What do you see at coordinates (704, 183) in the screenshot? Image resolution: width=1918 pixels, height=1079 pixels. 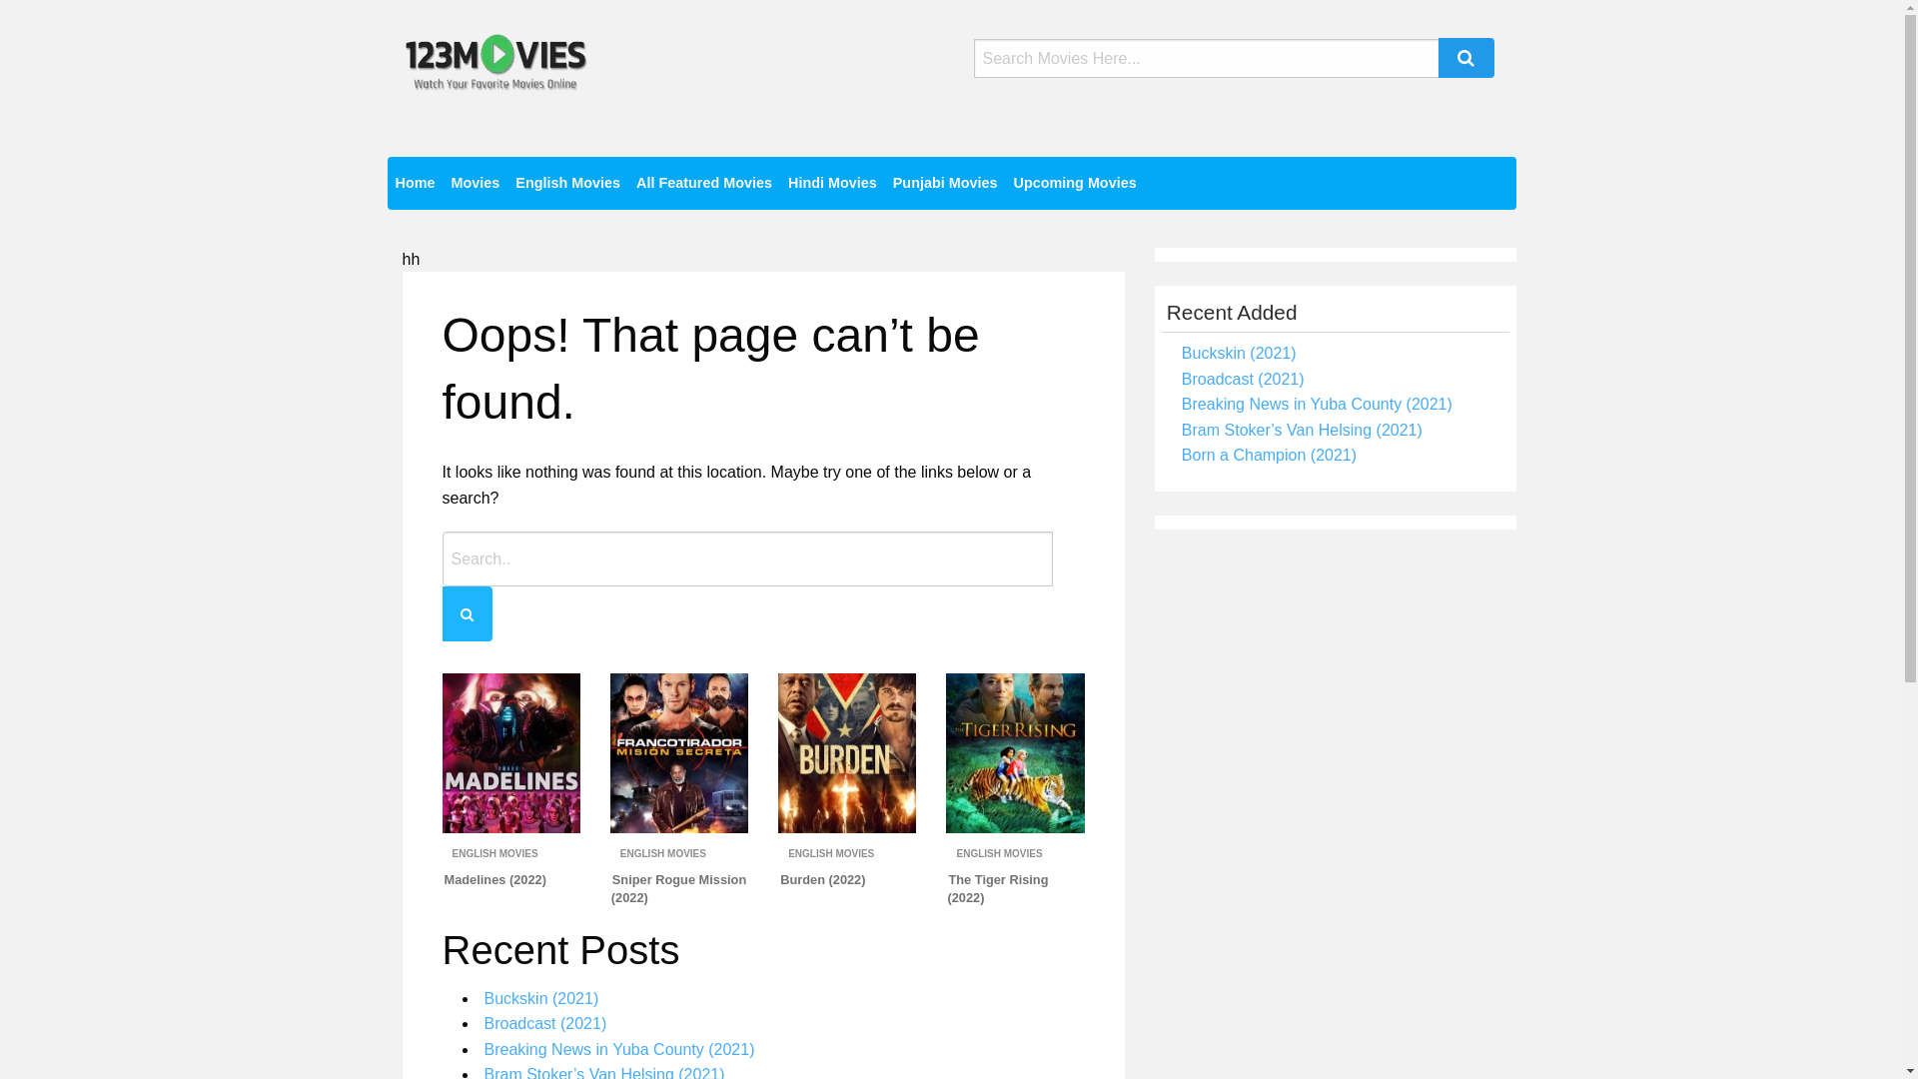 I see `'All Featured Movies'` at bounding box center [704, 183].